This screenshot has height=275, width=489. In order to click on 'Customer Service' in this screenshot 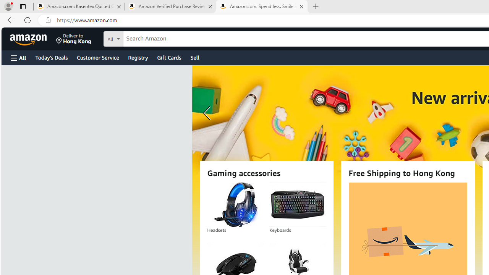, I will do `click(97, 57)`.